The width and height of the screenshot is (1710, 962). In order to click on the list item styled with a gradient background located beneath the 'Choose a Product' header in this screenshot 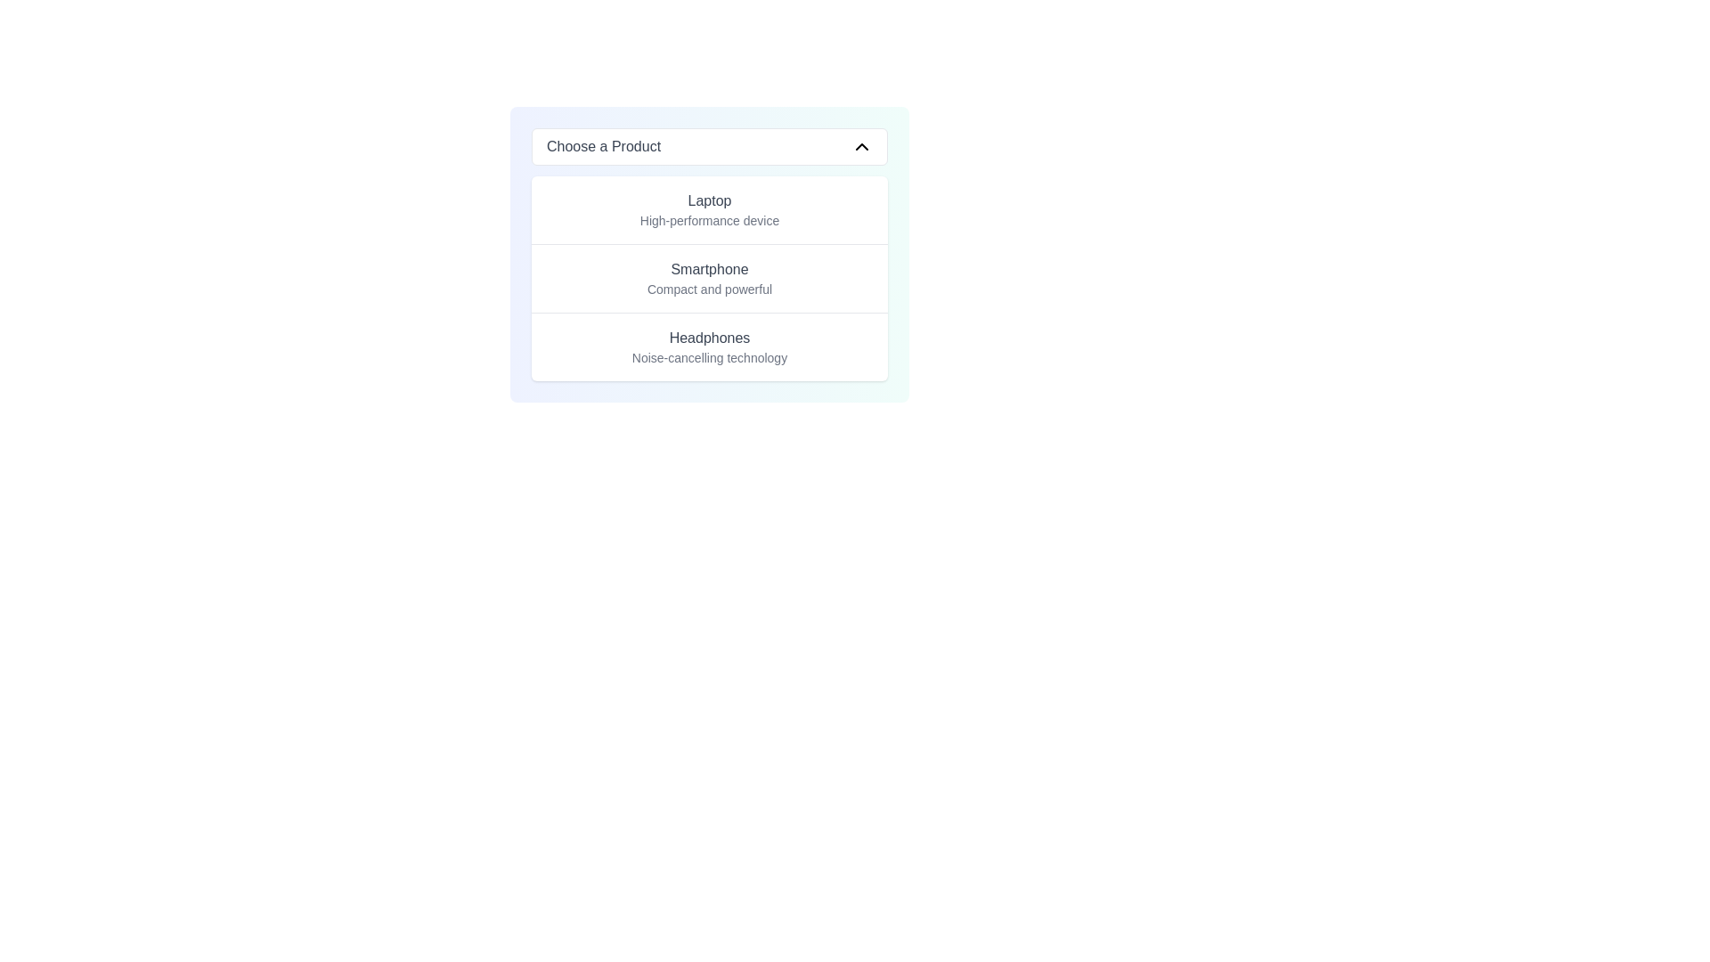, I will do `click(708, 254)`.